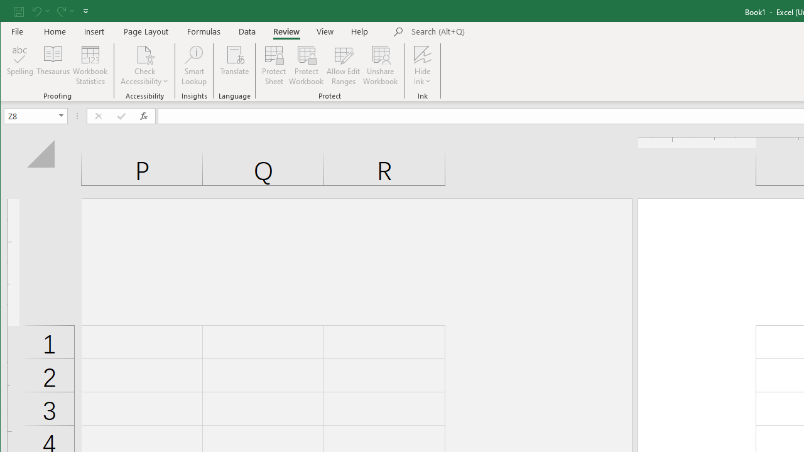 The image size is (804, 452). What do you see at coordinates (60, 11) in the screenshot?
I see `'Redo'` at bounding box center [60, 11].